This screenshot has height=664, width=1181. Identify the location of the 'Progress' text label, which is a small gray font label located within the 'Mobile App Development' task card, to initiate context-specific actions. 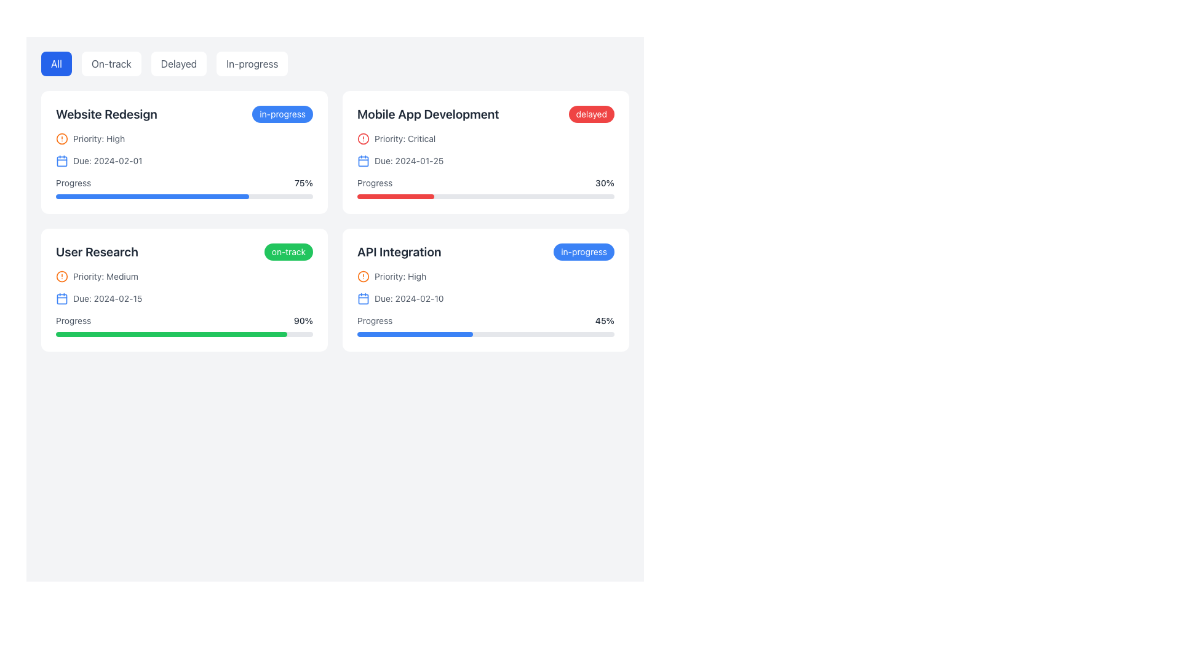
(374, 183).